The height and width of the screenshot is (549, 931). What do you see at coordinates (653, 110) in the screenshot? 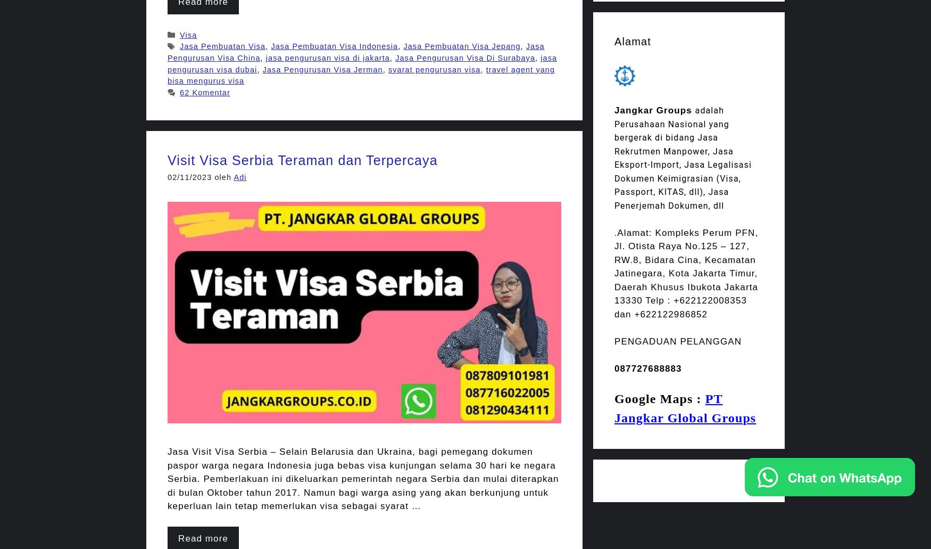
I see `'Jangkar Groups'` at bounding box center [653, 110].